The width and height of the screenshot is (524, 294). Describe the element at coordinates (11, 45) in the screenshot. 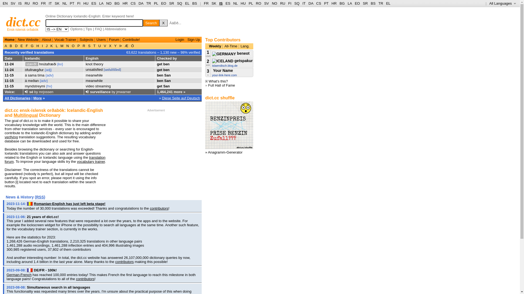

I see `'B'` at that location.